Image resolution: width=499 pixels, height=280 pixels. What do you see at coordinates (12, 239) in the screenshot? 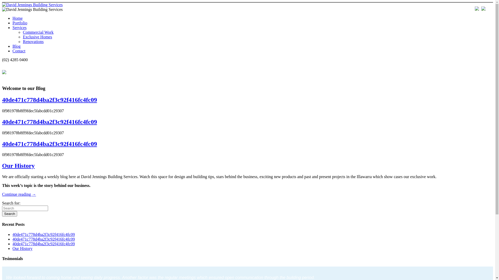
I see `'40de471c778d4ba2f3c92f416fc4fc09'` at bounding box center [12, 239].